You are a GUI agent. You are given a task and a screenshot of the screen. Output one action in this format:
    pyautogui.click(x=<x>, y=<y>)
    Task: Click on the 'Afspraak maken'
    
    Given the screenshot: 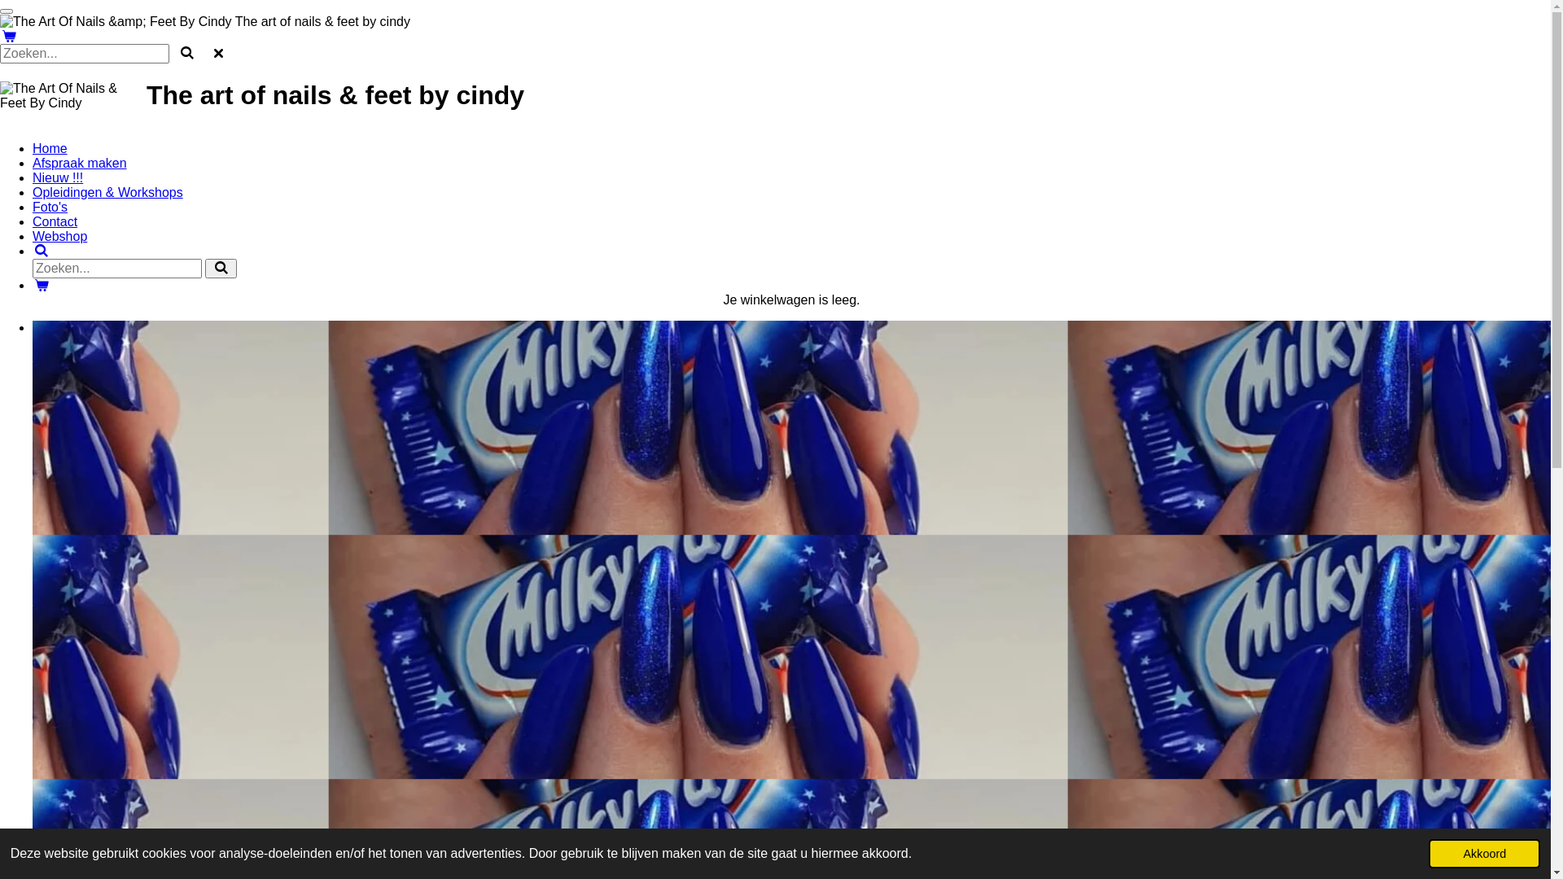 What is the action you would take?
    pyautogui.click(x=78, y=163)
    